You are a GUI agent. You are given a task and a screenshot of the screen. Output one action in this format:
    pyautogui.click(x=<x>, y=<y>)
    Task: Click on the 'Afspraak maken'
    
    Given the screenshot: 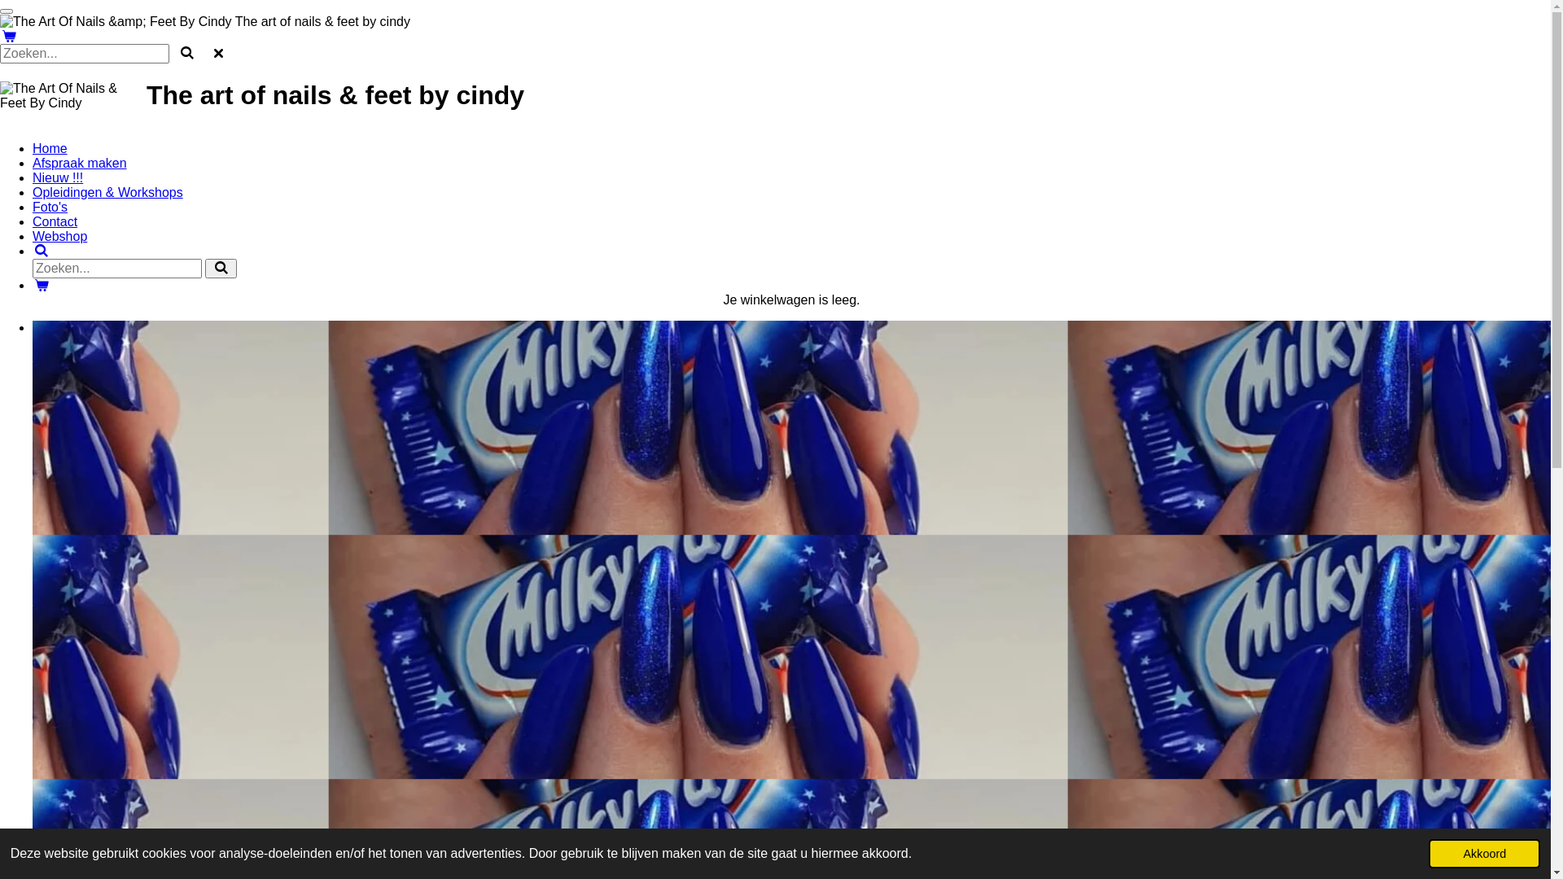 What is the action you would take?
    pyautogui.click(x=78, y=163)
    